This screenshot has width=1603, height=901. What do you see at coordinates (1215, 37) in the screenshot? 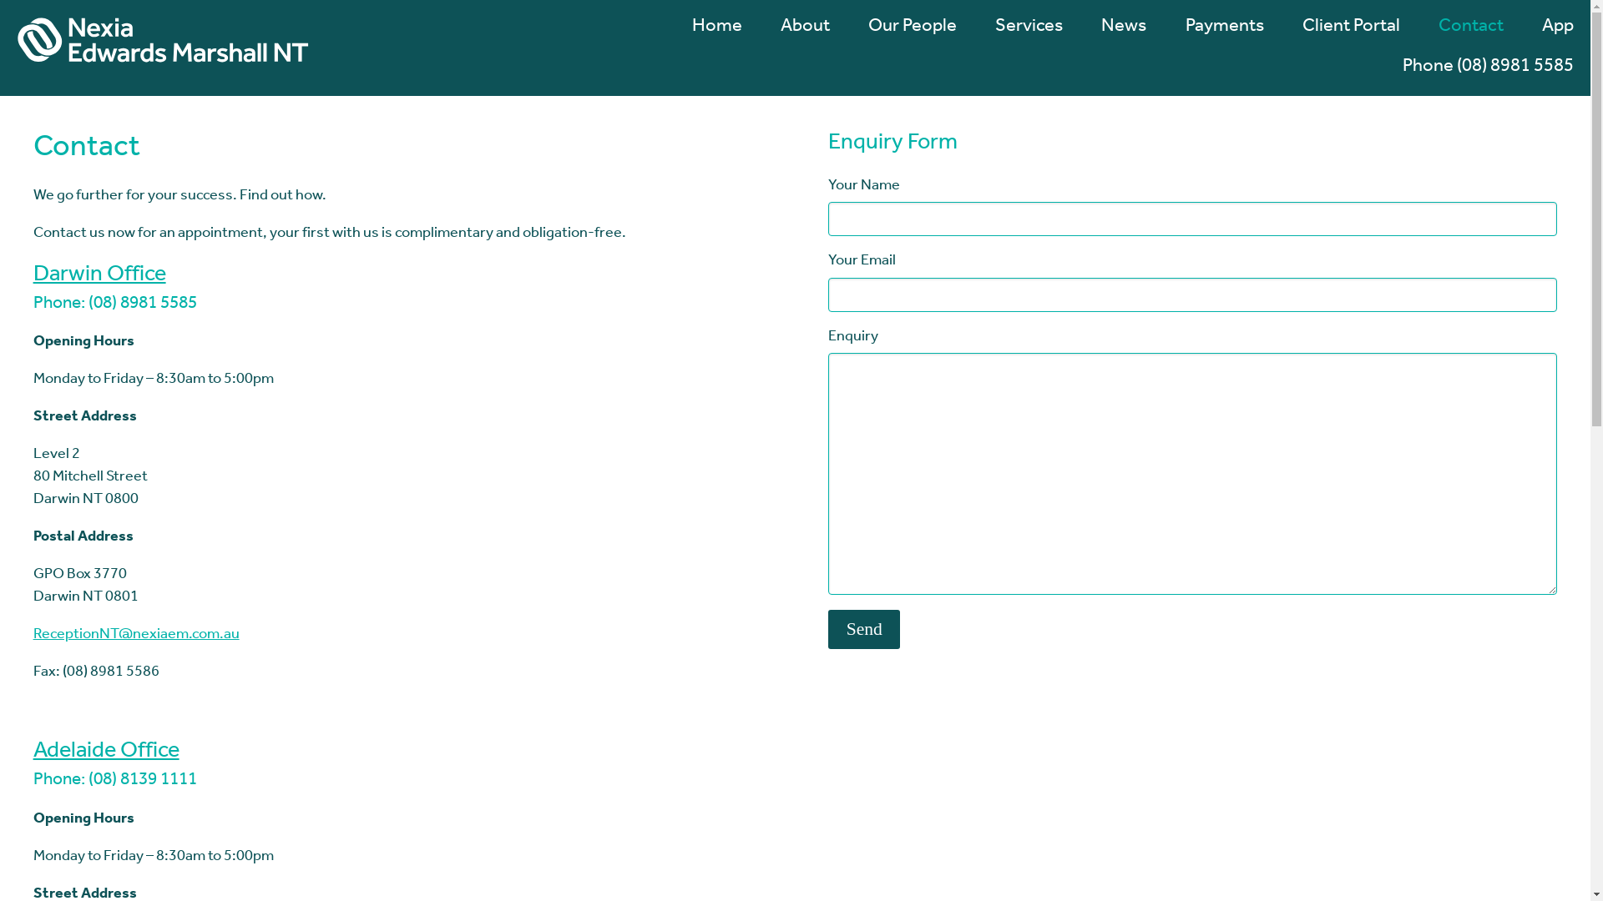
I see `'Payments'` at bounding box center [1215, 37].